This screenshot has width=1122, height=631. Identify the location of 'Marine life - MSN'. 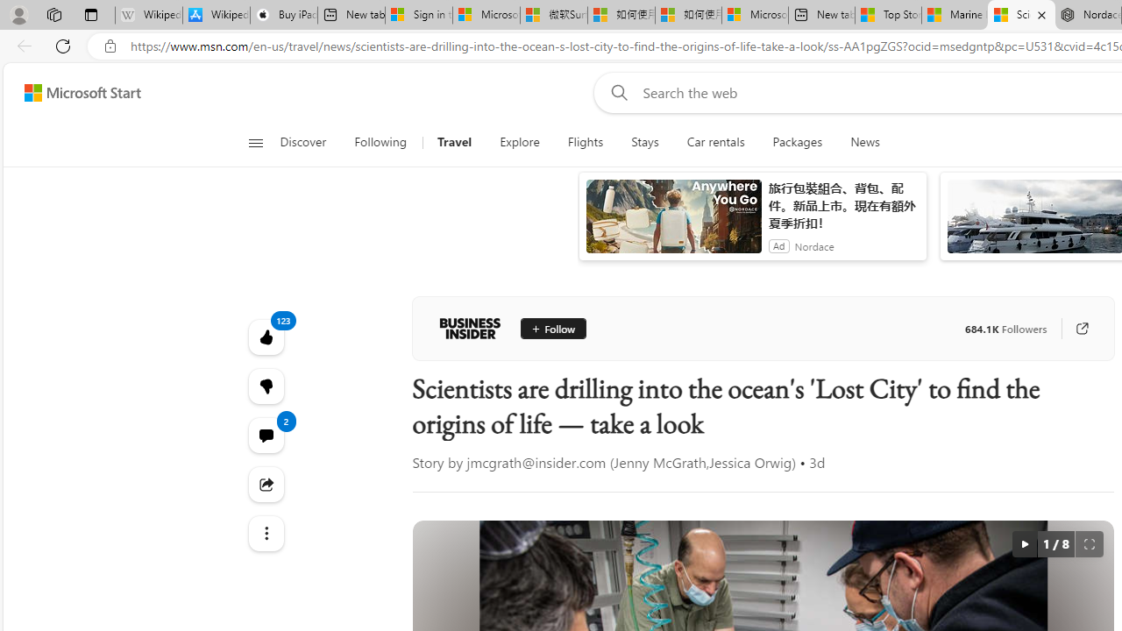
(954, 15).